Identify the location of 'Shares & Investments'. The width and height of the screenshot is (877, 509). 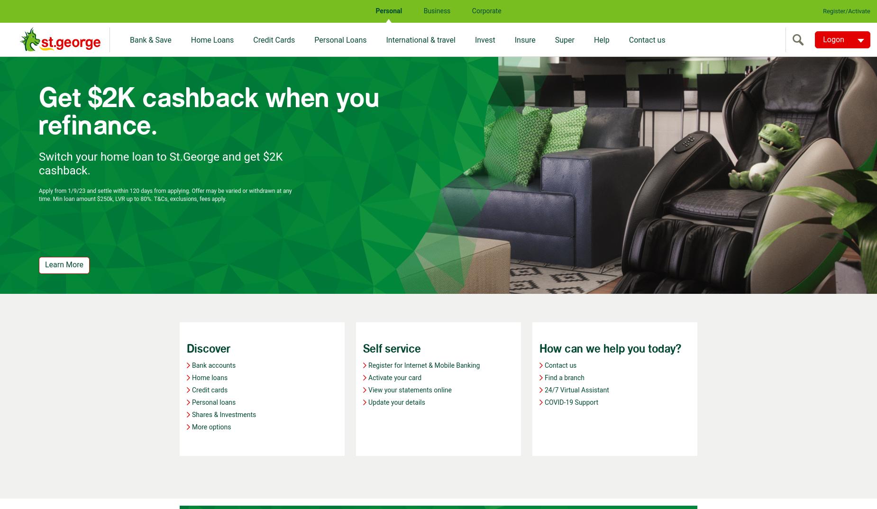
(224, 414).